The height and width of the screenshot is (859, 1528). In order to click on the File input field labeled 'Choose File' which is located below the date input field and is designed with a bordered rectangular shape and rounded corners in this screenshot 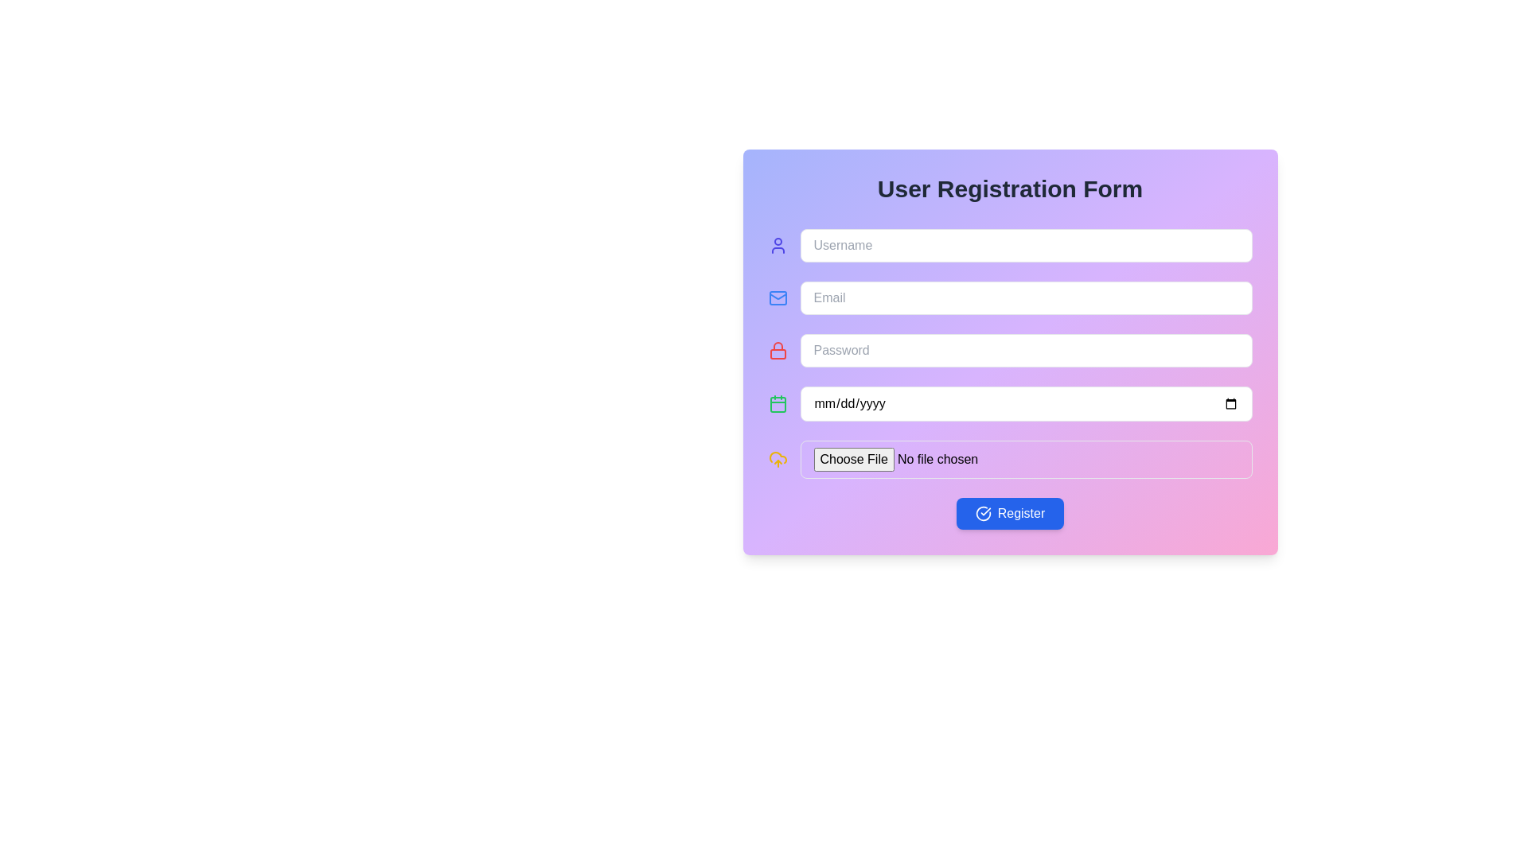, I will do `click(1026, 460)`.